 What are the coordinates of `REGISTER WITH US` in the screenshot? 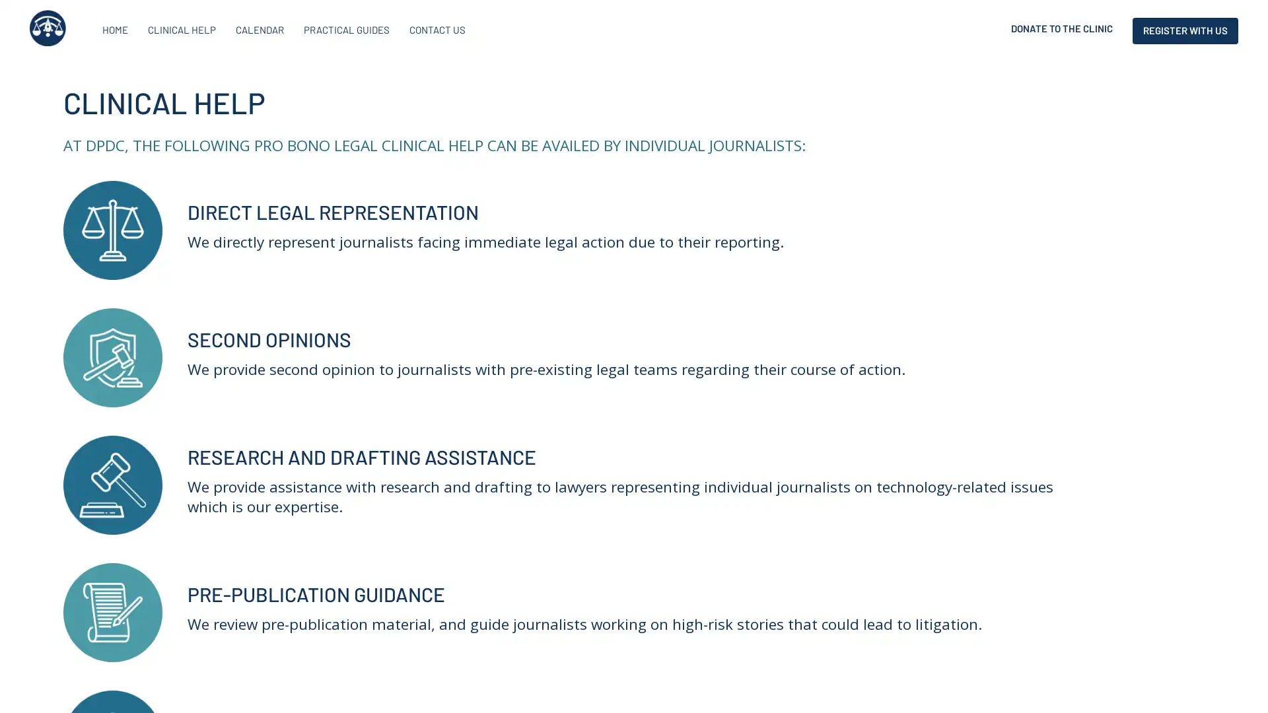 It's located at (1185, 30).